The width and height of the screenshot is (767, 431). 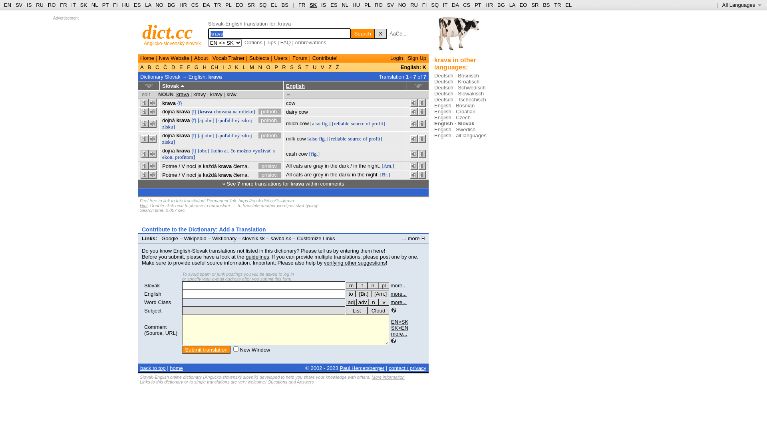 I want to click on 'edit', so click(x=146, y=94).